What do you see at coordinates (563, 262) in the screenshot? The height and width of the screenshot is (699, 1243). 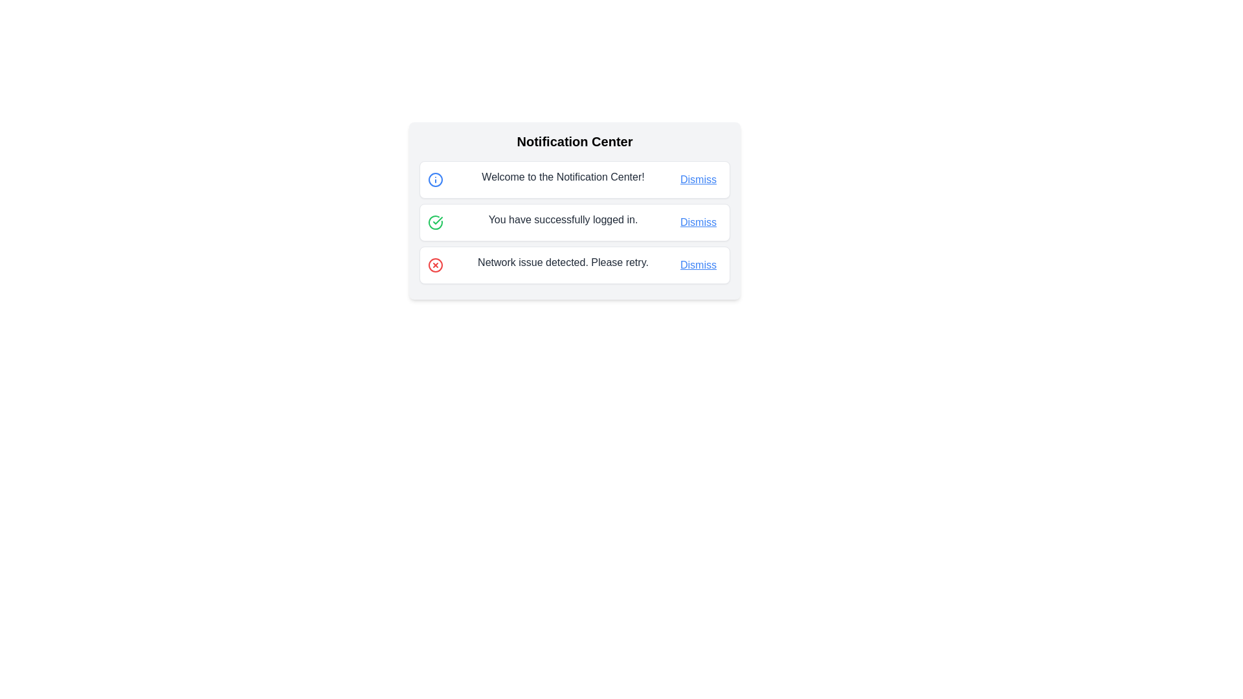 I see `message 'Network issue detected. Please retry.' displayed in dark gray font within the third notification card on the center-right side` at bounding box center [563, 262].